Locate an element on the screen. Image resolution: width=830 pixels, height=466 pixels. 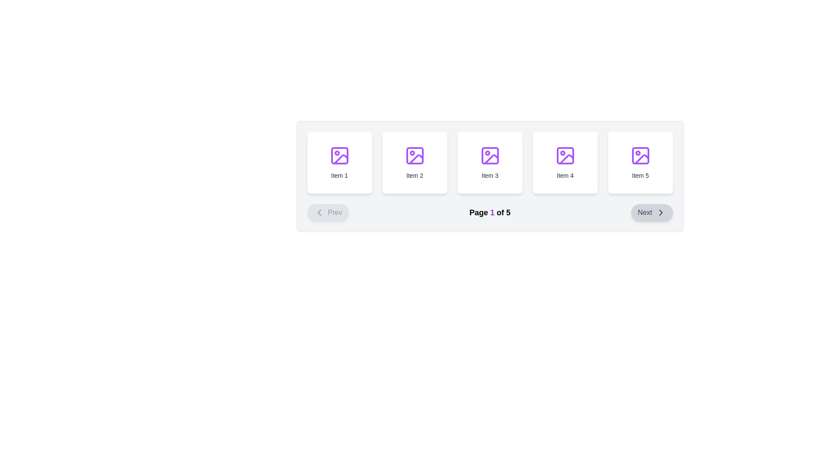
SVG Icon located at the far right side of the 'Next' button in the navigation control bar by hovering over it is located at coordinates (660, 213).